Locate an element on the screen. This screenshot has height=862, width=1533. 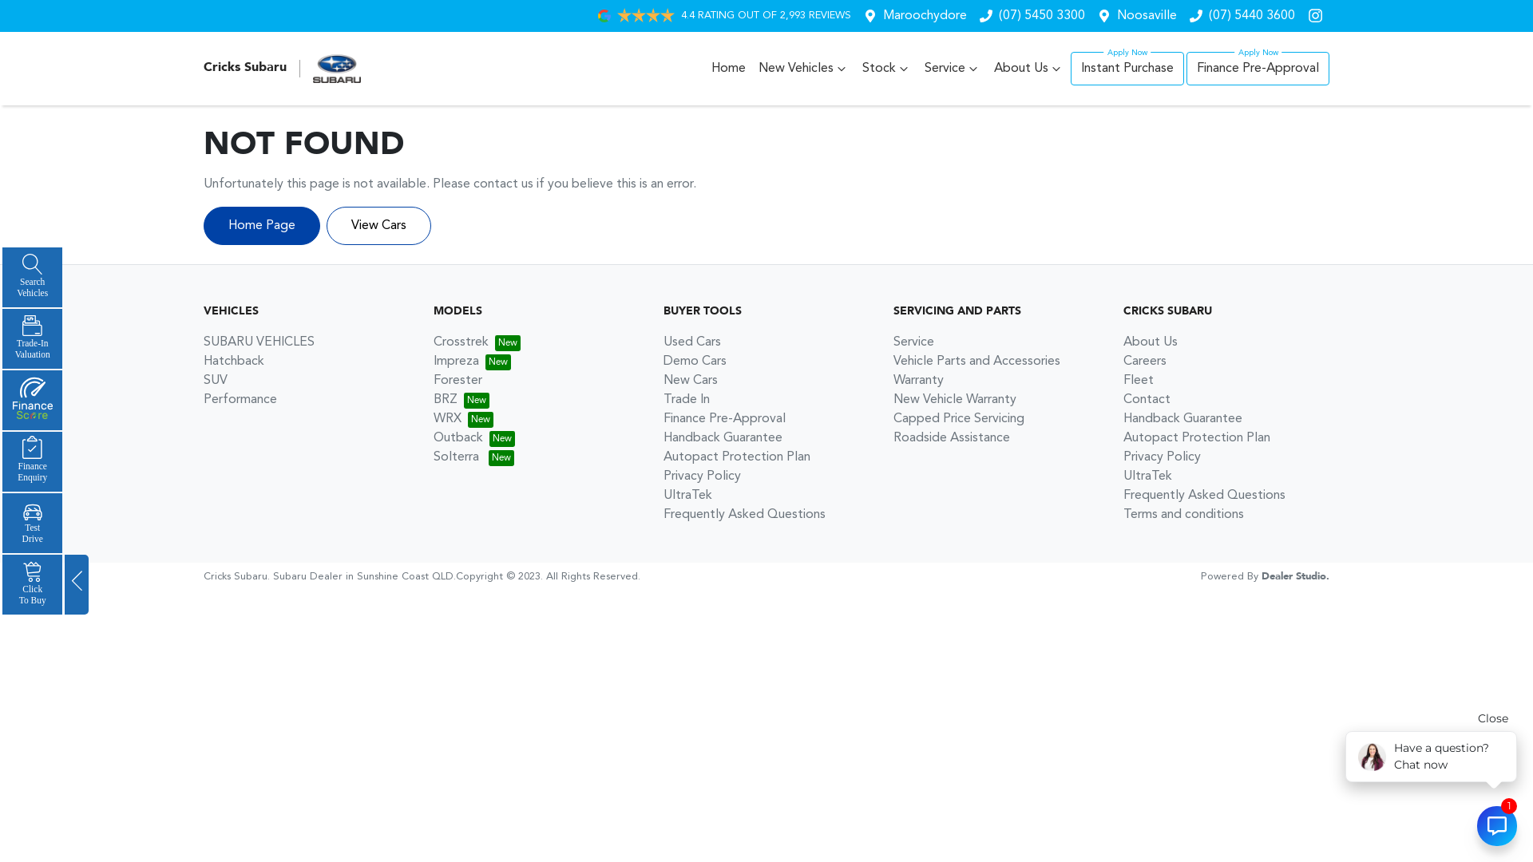
'Maroochydore' is located at coordinates (881, 15).